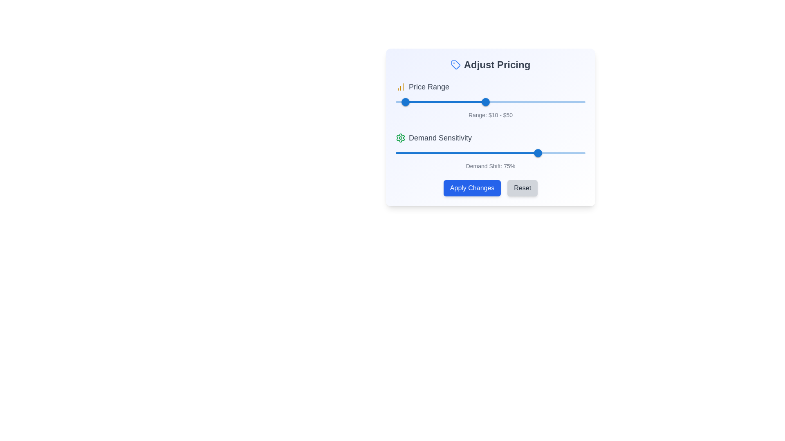 The width and height of the screenshot is (785, 441). Describe the element at coordinates (520, 153) in the screenshot. I see `the Demand Sensitivity value` at that location.